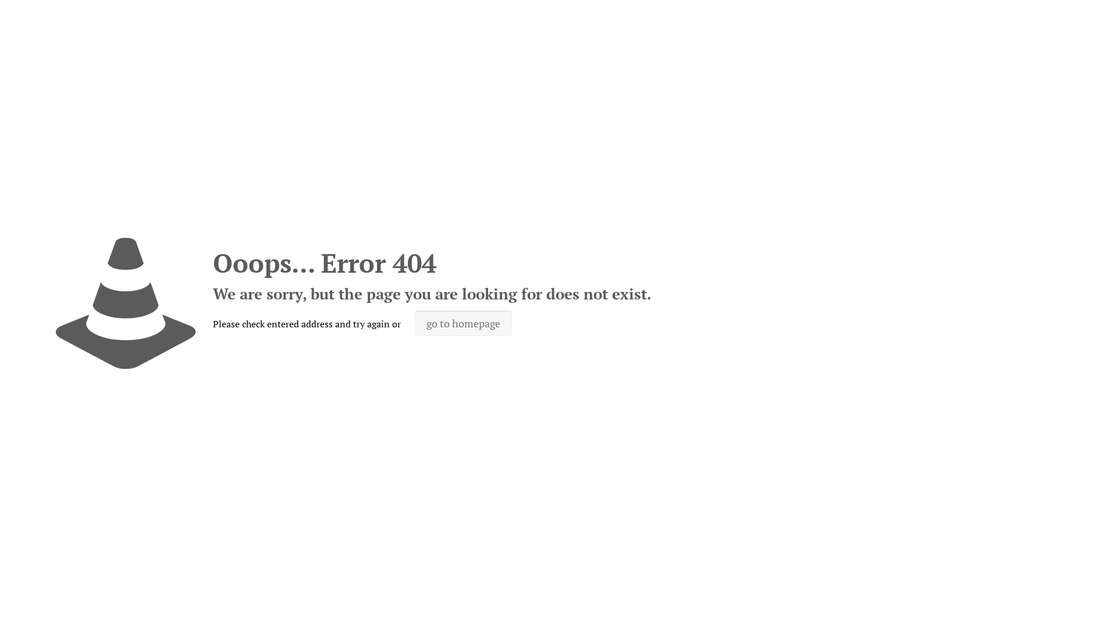  Describe the element at coordinates (463, 323) in the screenshot. I see `'go to homepage'` at that location.